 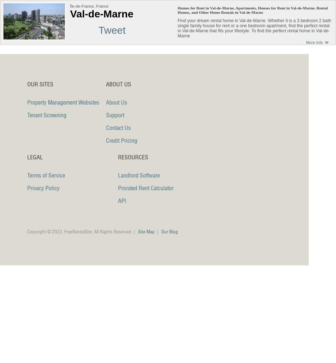 I want to click on 'Legal', so click(x=35, y=157).